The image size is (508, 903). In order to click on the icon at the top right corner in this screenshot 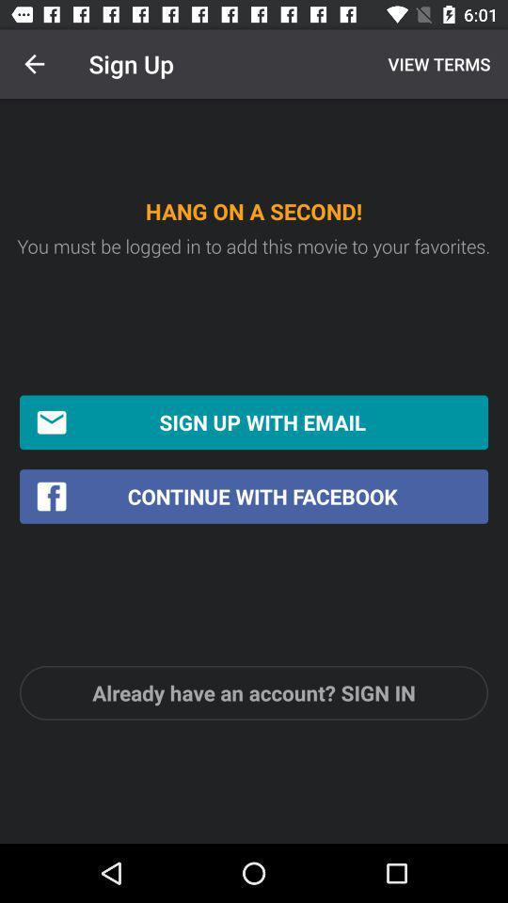, I will do `click(437, 64)`.